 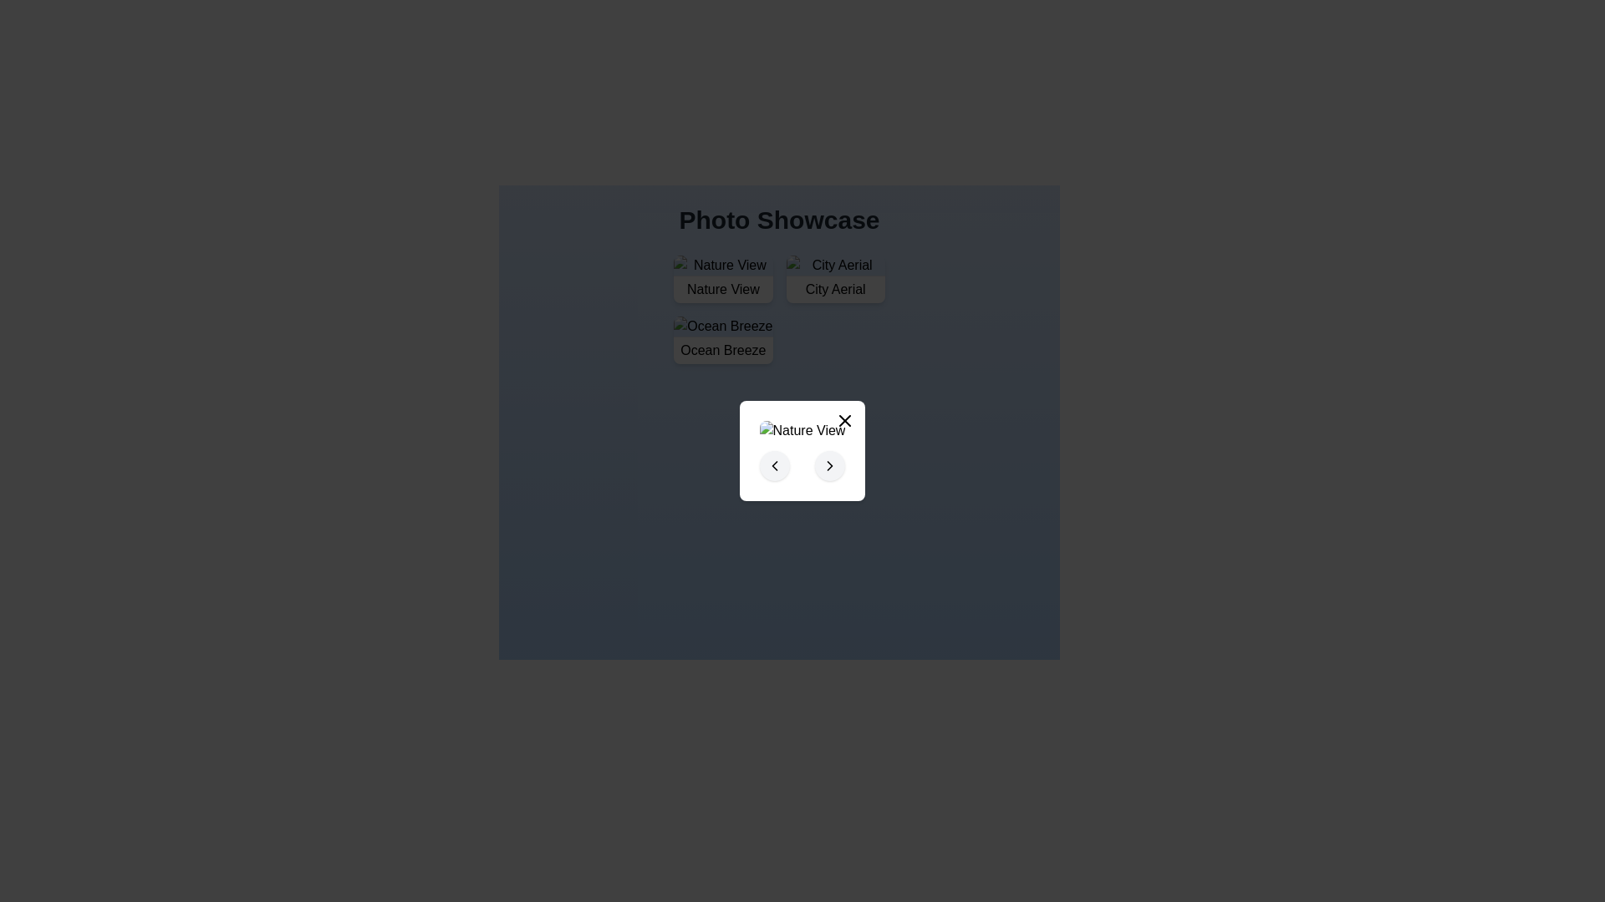 I want to click on the 'Nature View' image, which is located at the top of a card in the top-left segment of a grid layout, so click(x=723, y=264).